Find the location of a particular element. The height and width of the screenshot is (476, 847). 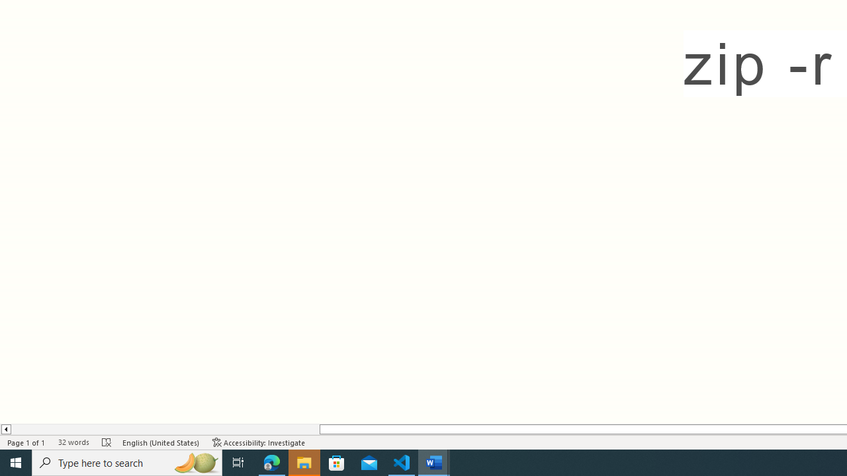

'Spelling and Grammar Check Errors' is located at coordinates (107, 442).